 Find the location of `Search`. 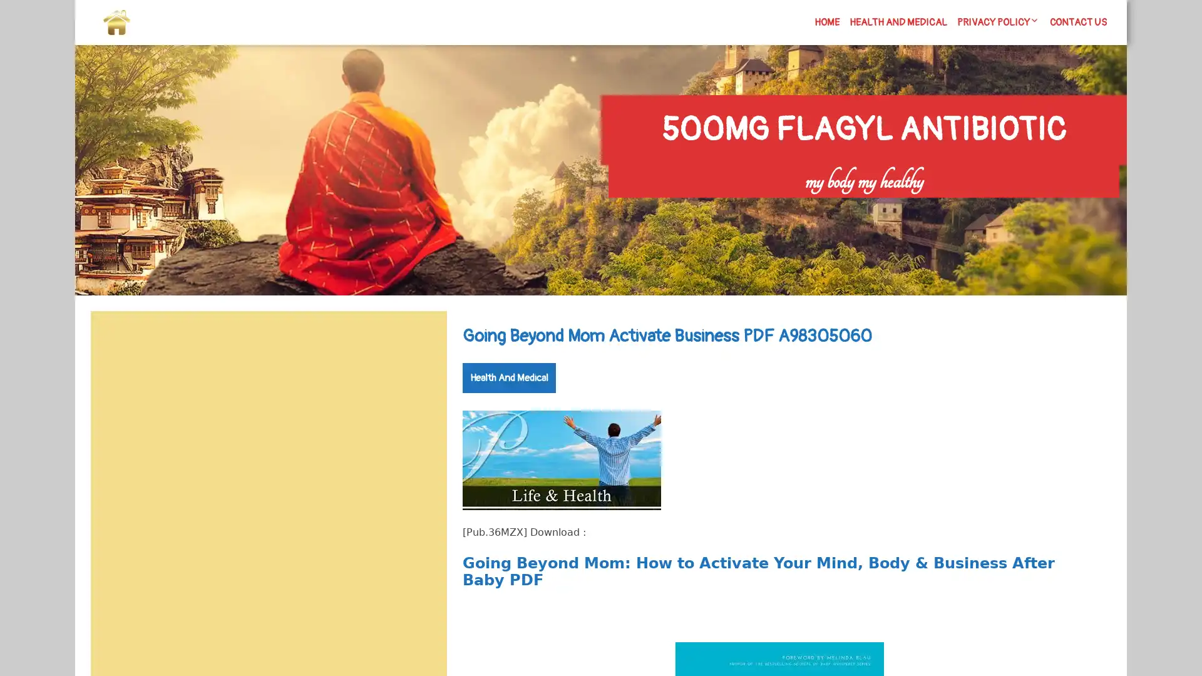

Search is located at coordinates (975, 205).